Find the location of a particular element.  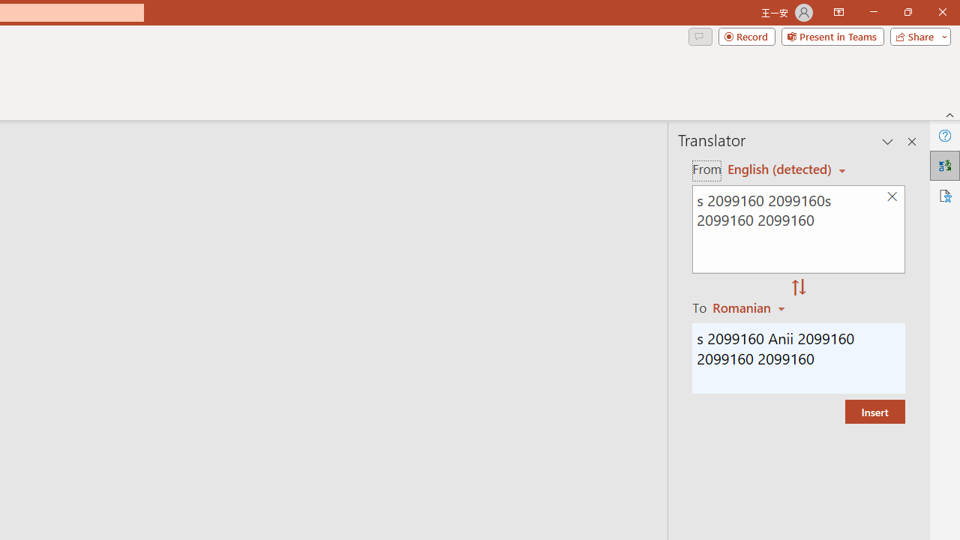

'Czech (detected)' is located at coordinates (780, 169).